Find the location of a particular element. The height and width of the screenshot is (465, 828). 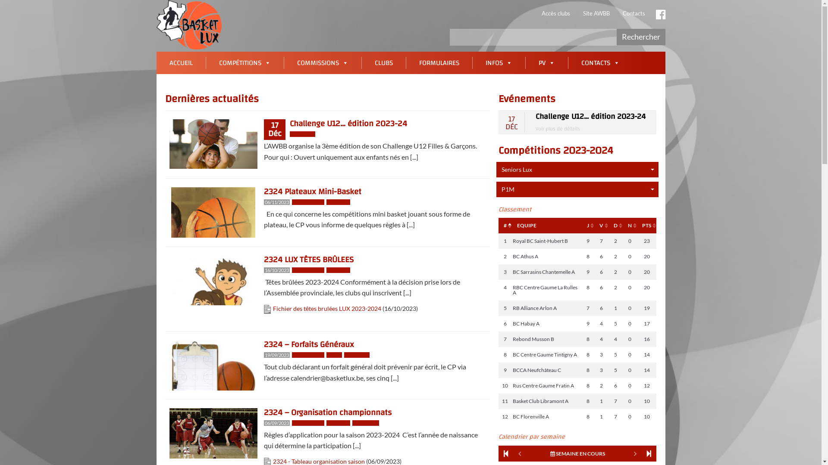

'SEMAINE EN COURS' is located at coordinates (577, 453).